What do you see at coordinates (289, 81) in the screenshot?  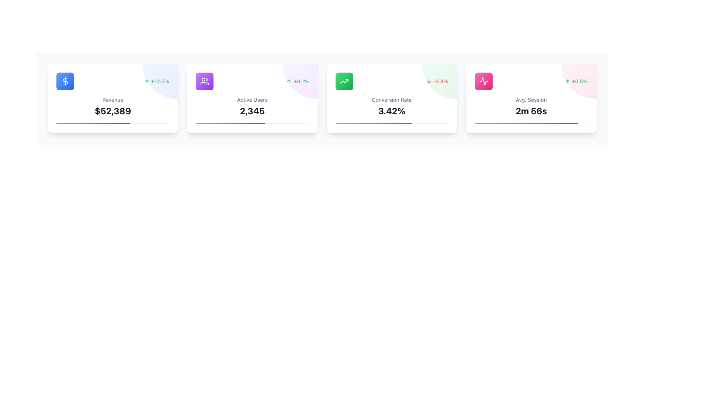 I see `the upward-pointing green arrow icon located adjacent` at bounding box center [289, 81].